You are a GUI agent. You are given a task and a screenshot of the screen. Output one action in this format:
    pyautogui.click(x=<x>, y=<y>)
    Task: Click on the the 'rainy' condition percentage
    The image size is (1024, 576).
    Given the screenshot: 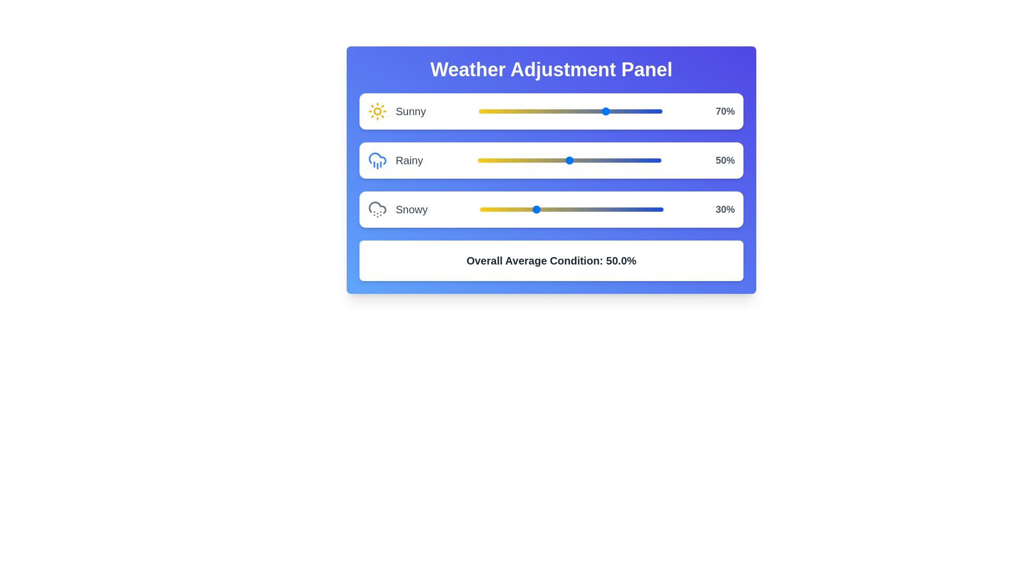 What is the action you would take?
    pyautogui.click(x=622, y=160)
    